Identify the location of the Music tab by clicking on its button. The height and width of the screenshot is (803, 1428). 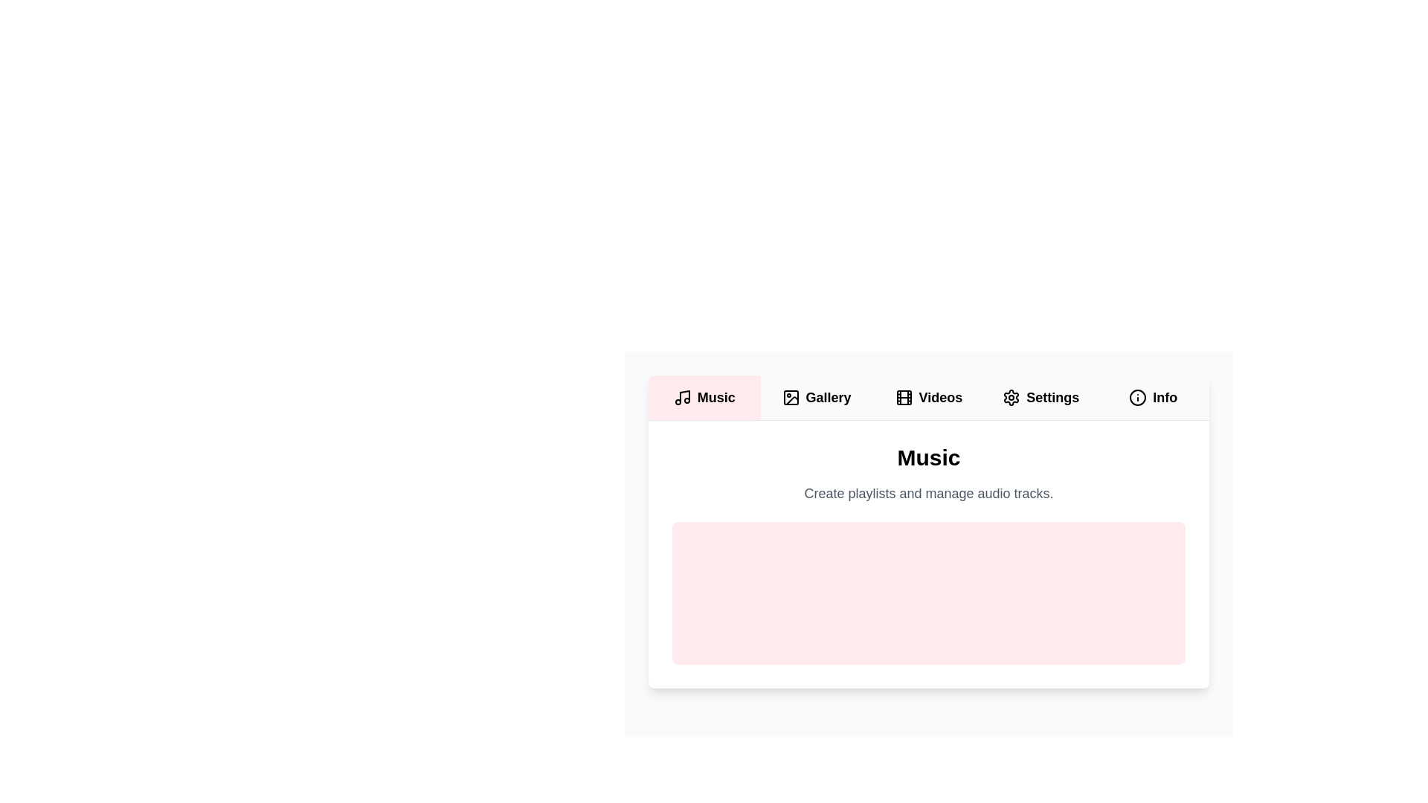
(704, 397).